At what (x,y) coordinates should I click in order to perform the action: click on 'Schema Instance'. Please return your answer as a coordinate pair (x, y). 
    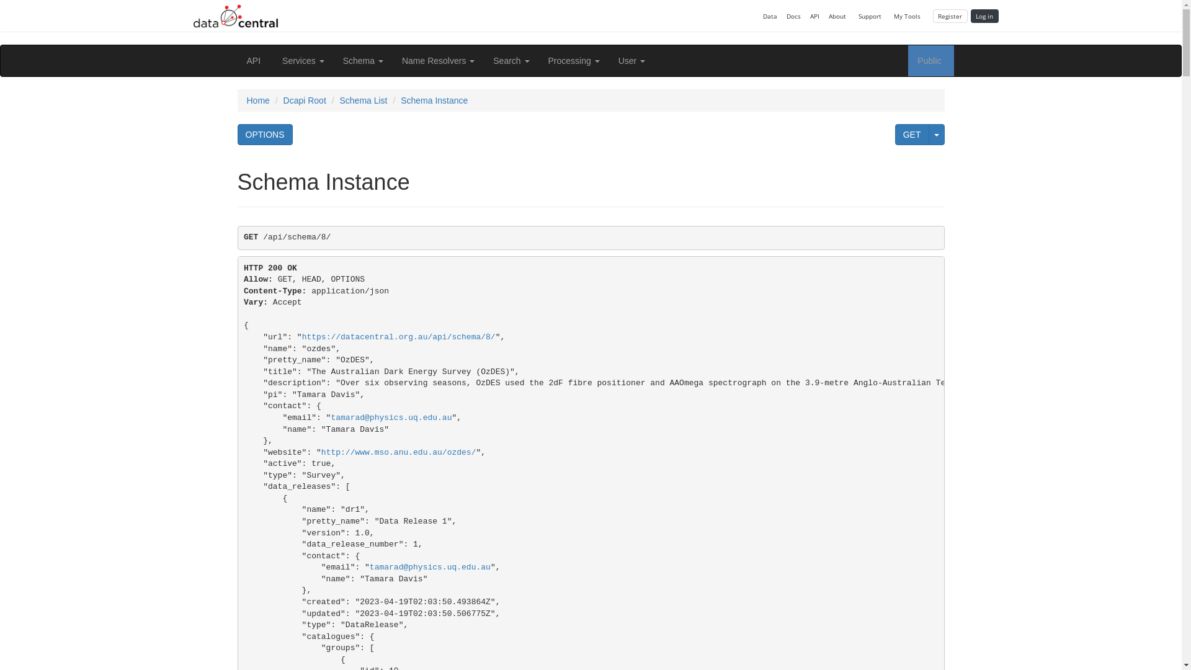
    Looking at the image, I should click on (434, 100).